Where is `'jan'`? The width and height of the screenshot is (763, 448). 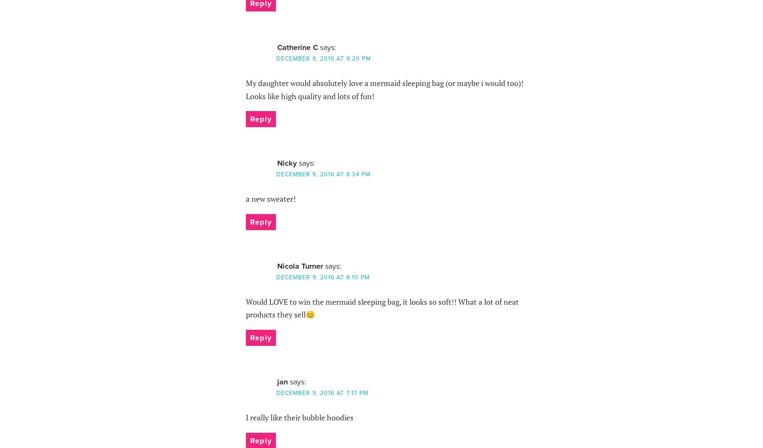 'jan' is located at coordinates (282, 381).